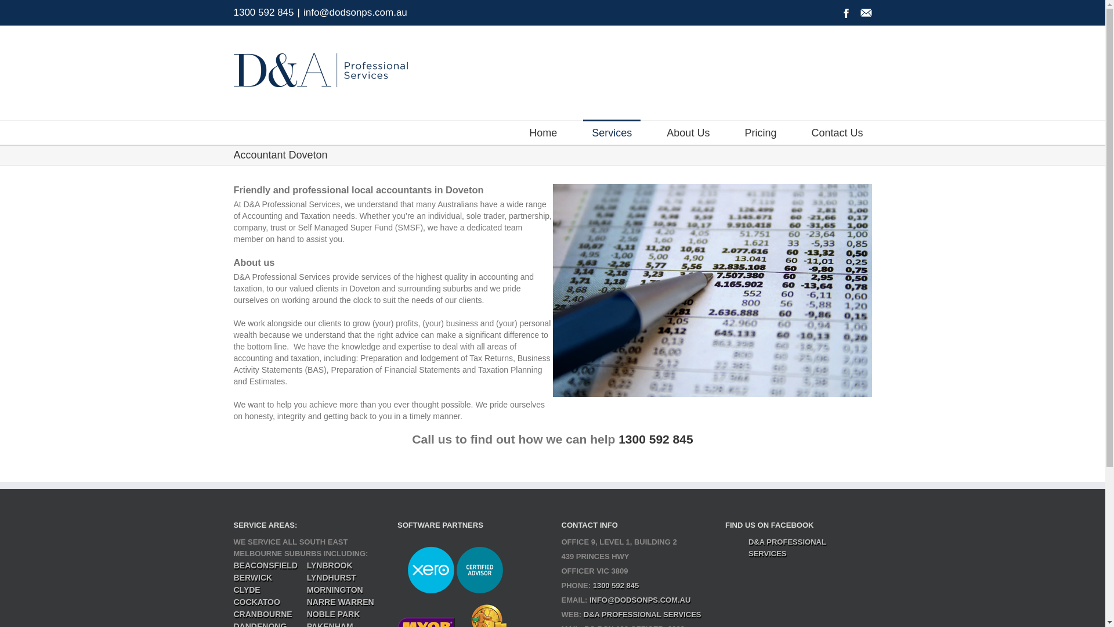 This screenshot has height=627, width=1114. What do you see at coordinates (760, 131) in the screenshot?
I see `'Pricing'` at bounding box center [760, 131].